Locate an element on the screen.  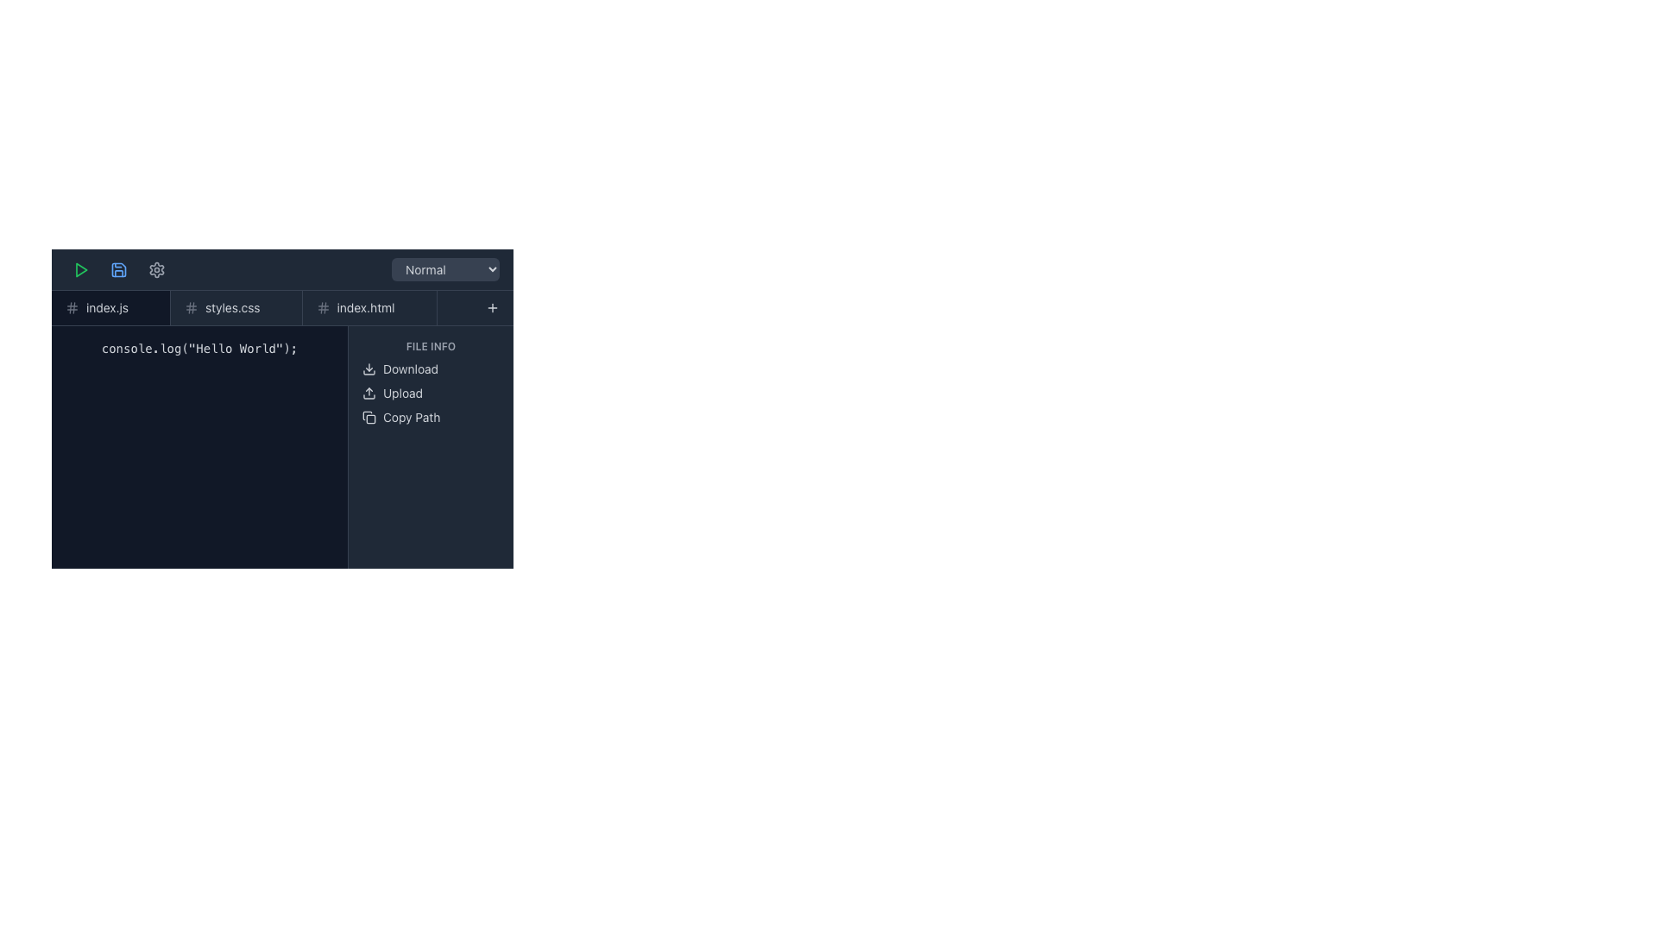
the rightmost vertical line of the hash icon located in the left section of the toolbar is located at coordinates (73, 307).